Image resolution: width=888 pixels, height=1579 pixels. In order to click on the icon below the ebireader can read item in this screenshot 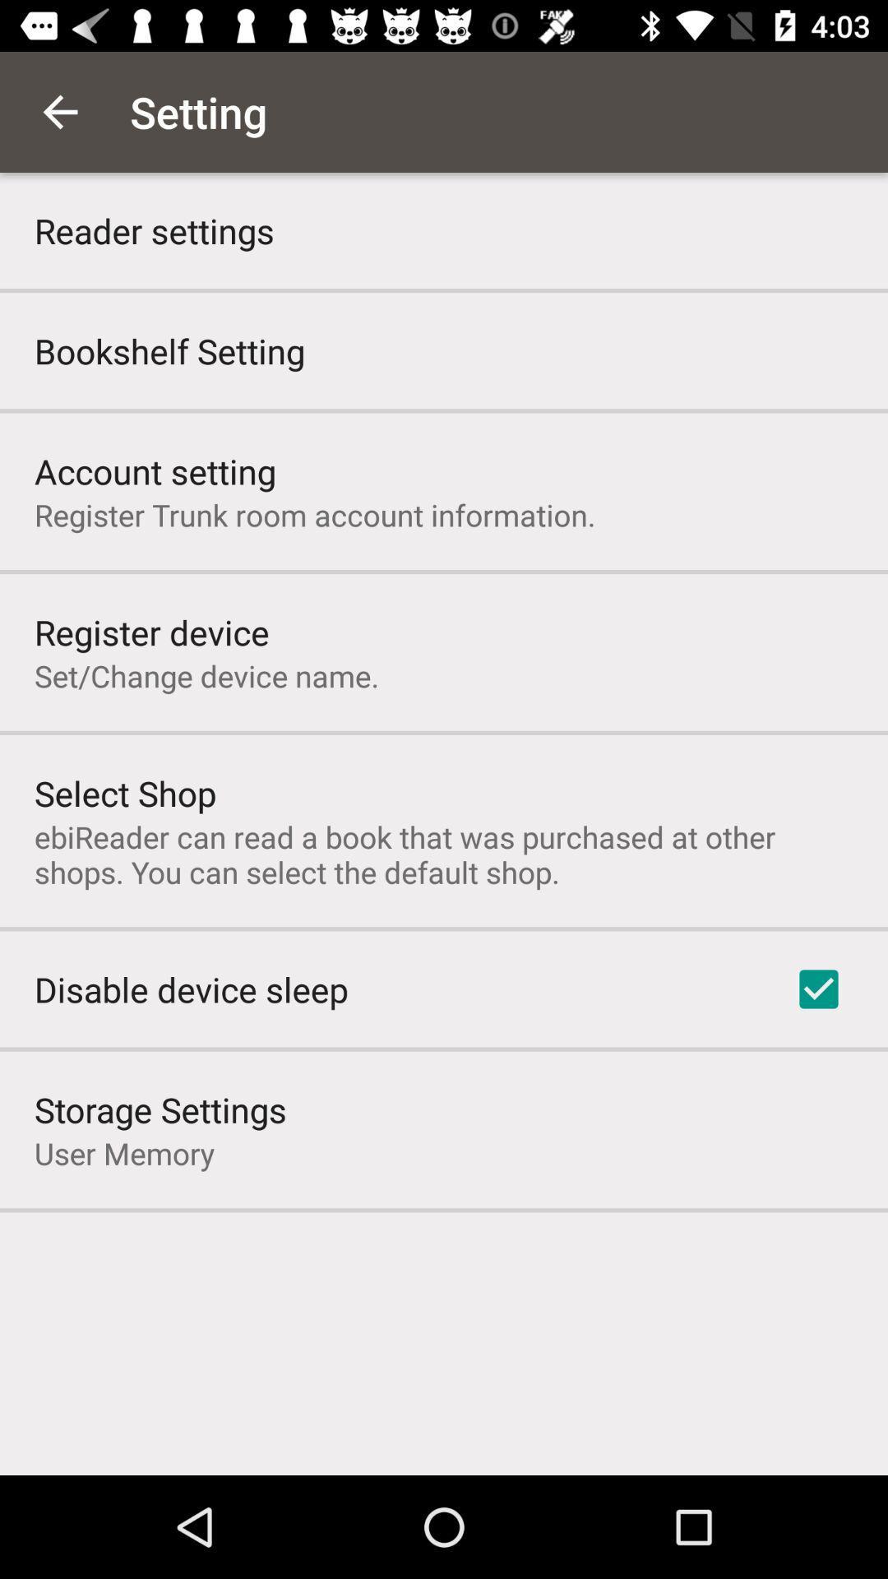, I will do `click(818, 989)`.